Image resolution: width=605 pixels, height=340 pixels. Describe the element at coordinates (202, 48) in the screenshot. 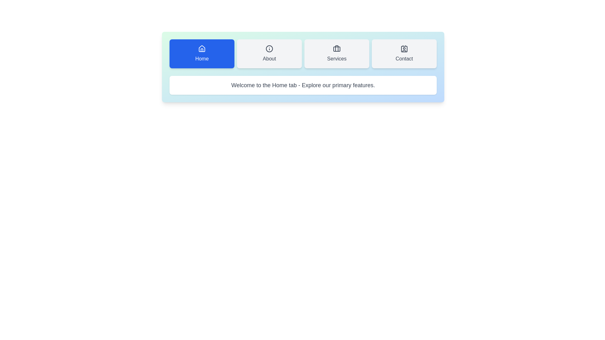

I see `the house icon located` at that location.